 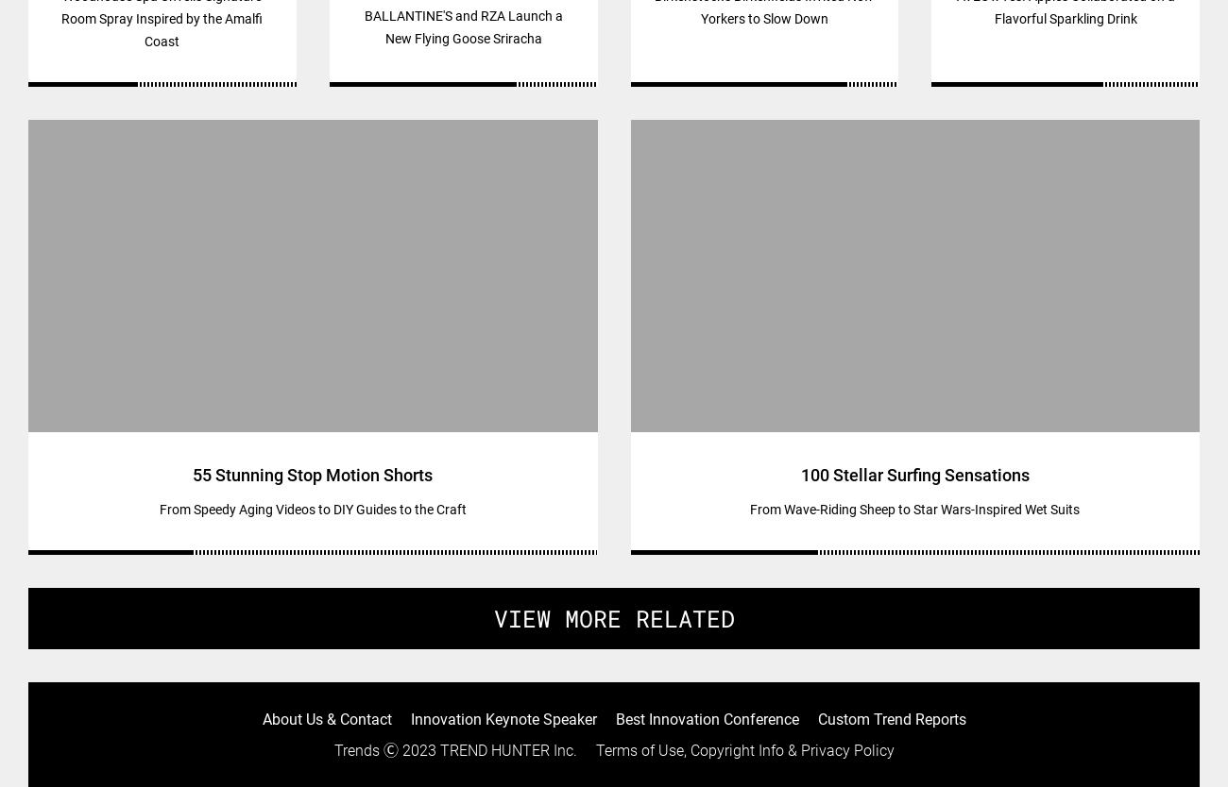 I want to click on '55 Stunning Stop Motion Shorts', so click(x=192, y=474).